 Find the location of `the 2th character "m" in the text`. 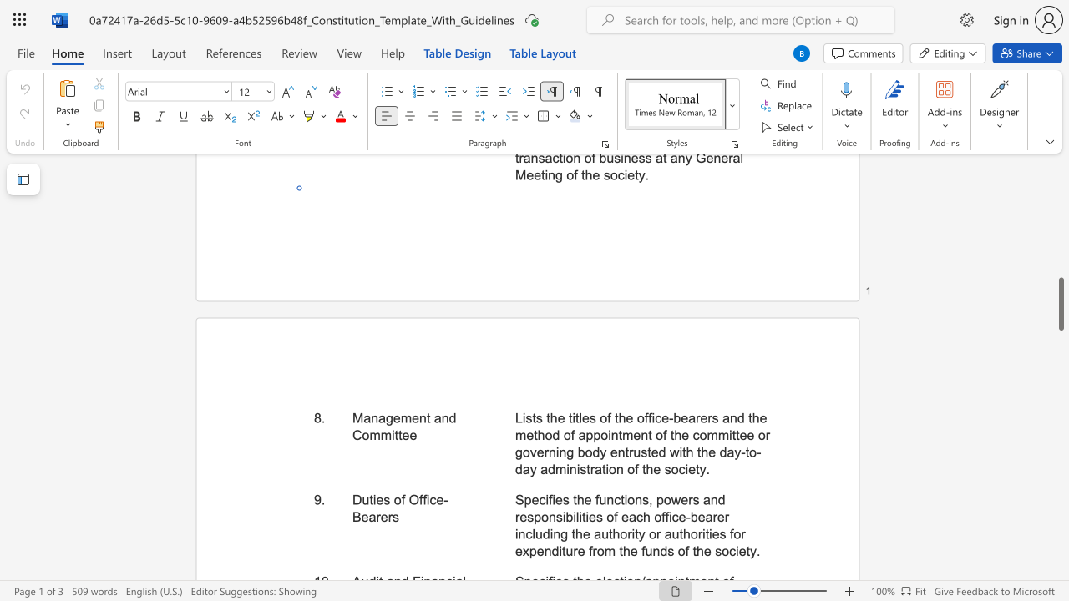

the 2th character "m" in the text is located at coordinates (374, 434).